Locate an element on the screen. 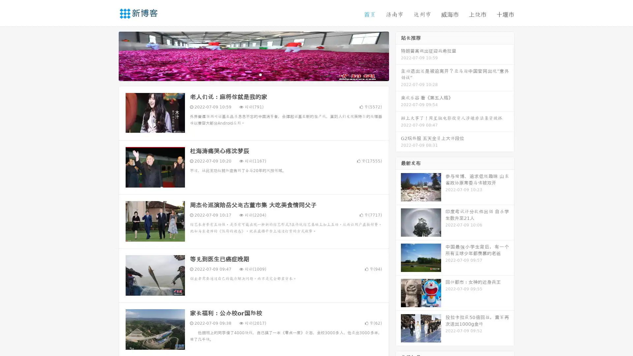 This screenshot has width=633, height=356. Go to slide 1 is located at coordinates (247, 74).